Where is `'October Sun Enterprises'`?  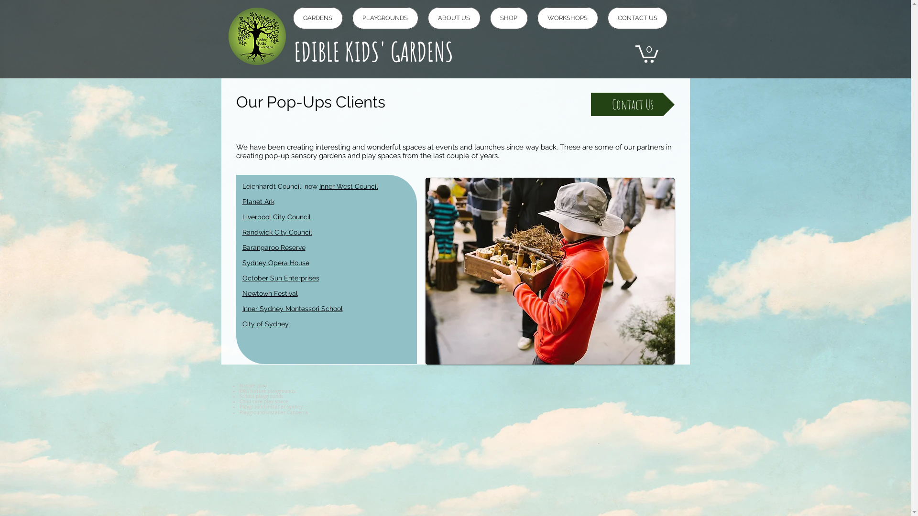
'October Sun Enterprises' is located at coordinates (280, 278).